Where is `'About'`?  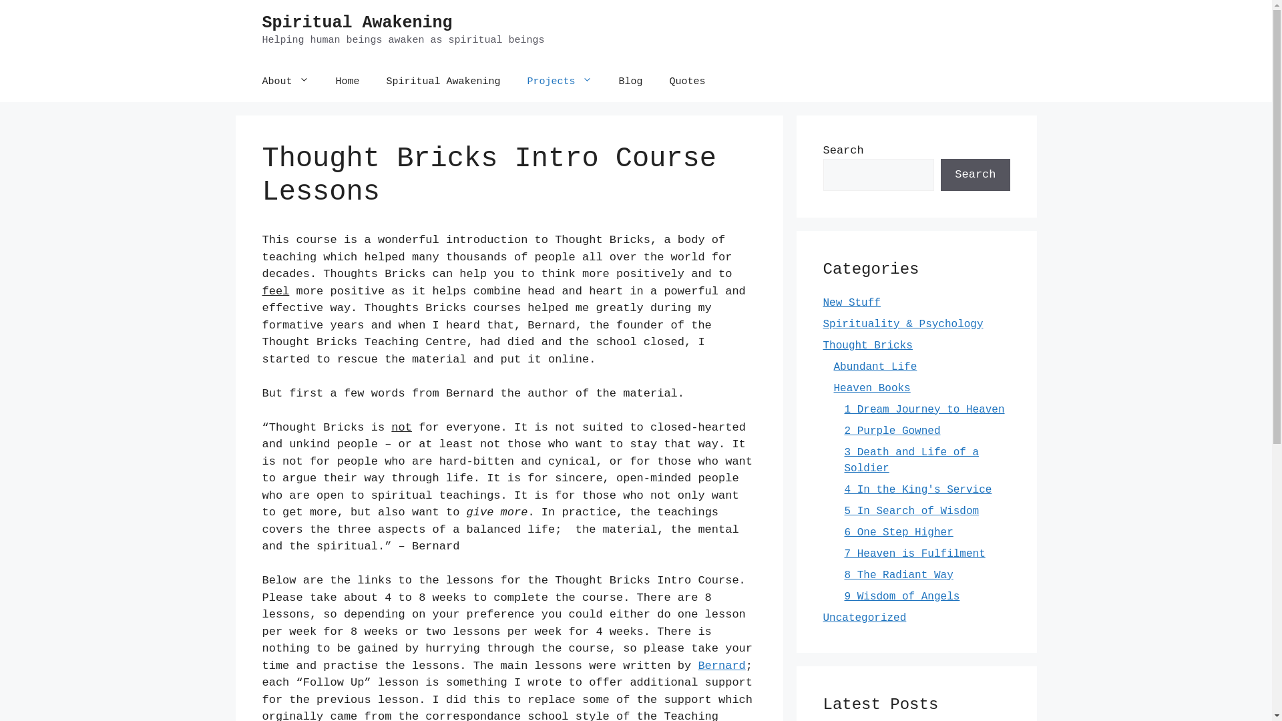 'About' is located at coordinates (284, 81).